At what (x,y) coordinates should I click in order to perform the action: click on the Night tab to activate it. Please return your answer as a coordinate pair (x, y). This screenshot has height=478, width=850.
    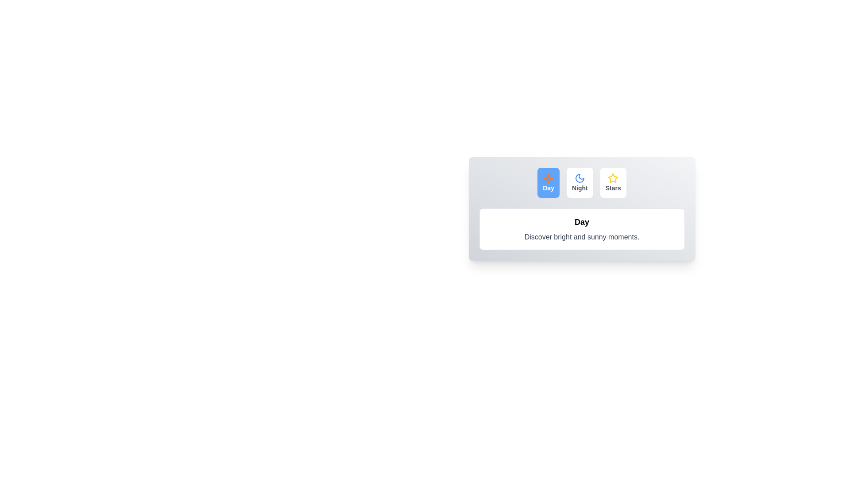
    Looking at the image, I should click on (580, 182).